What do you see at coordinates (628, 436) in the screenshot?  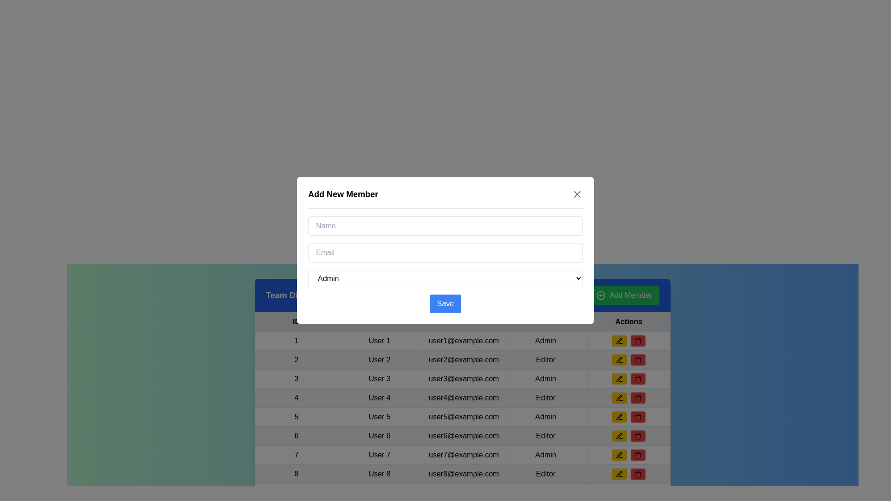 I see `the left button of the grouped button component in the Actions column to initiate editing for the row associated with the user 'user6@example.com' and role 'Editor'` at bounding box center [628, 436].